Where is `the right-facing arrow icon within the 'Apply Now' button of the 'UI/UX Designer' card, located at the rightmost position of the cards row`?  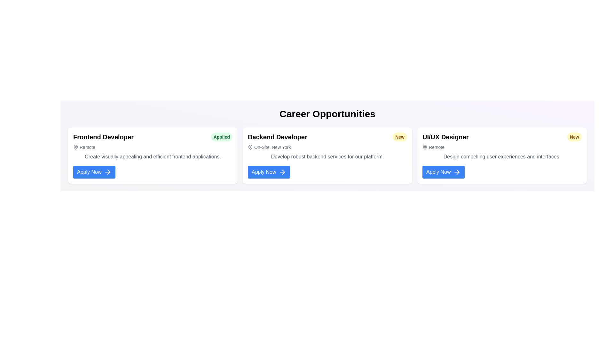
the right-facing arrow icon within the 'Apply Now' button of the 'UI/UX Designer' card, located at the rightmost position of the cards row is located at coordinates (457, 172).